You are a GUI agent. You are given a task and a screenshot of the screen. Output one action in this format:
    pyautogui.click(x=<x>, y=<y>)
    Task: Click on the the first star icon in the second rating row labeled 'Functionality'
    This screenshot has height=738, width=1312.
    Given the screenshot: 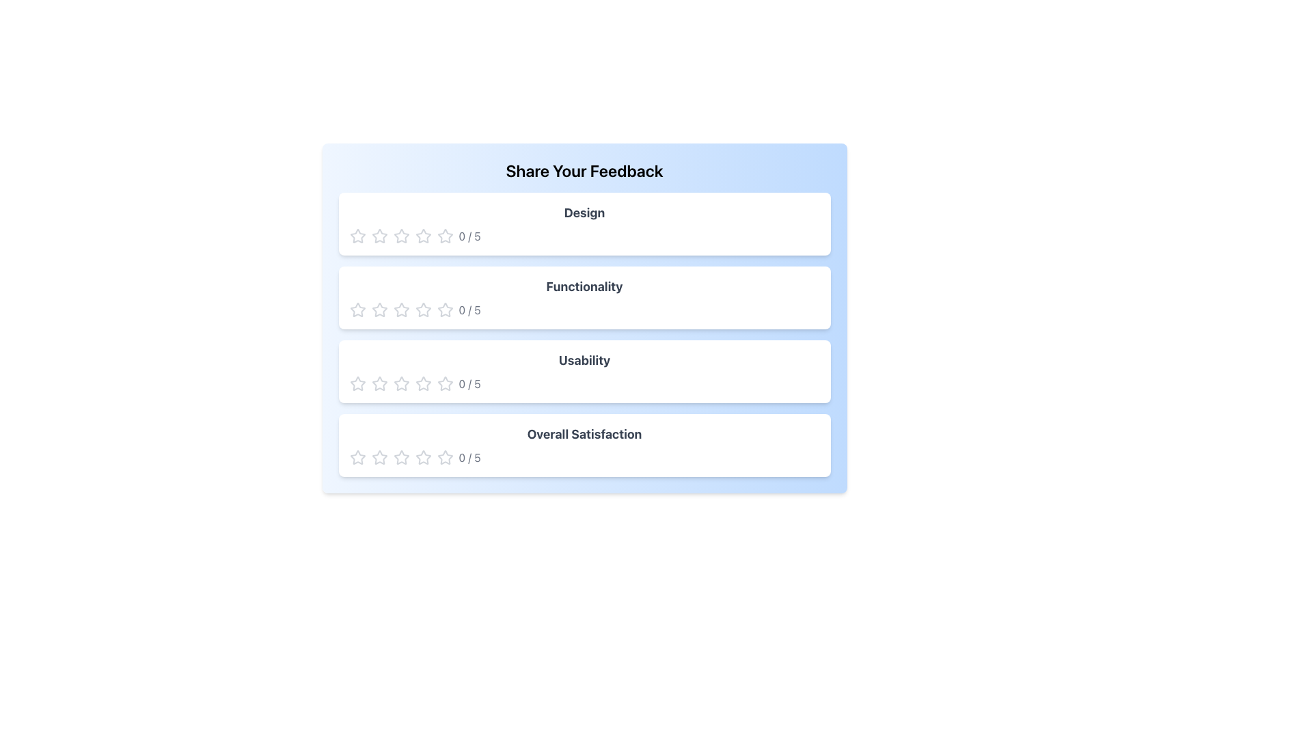 What is the action you would take?
    pyautogui.click(x=379, y=310)
    